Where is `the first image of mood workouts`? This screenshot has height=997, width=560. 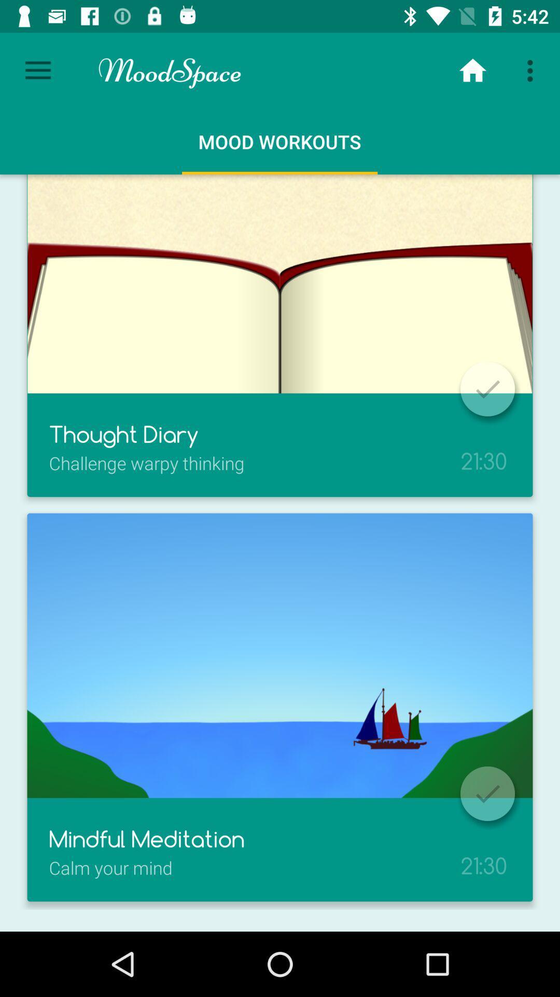 the first image of mood workouts is located at coordinates (280, 340).